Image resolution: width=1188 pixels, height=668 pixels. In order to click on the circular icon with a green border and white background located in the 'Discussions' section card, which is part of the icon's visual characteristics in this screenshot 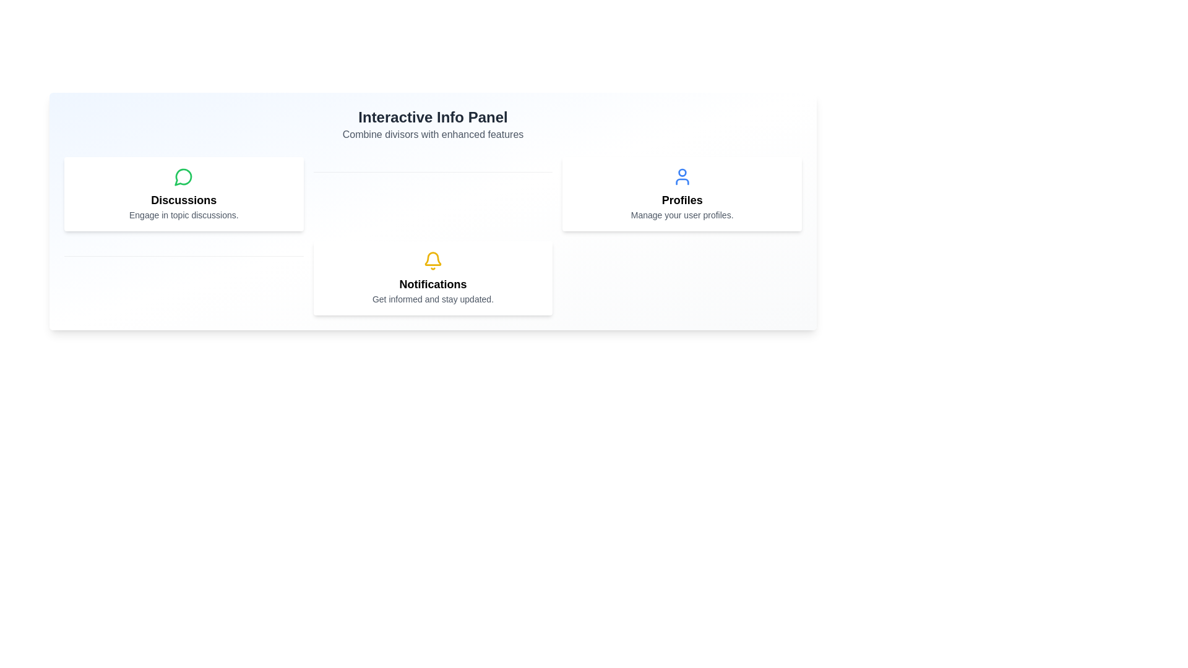, I will do `click(183, 177)`.